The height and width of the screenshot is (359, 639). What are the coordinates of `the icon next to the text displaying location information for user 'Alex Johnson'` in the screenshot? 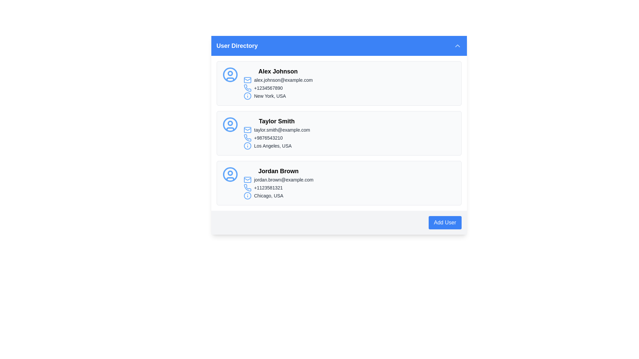 It's located at (278, 96).